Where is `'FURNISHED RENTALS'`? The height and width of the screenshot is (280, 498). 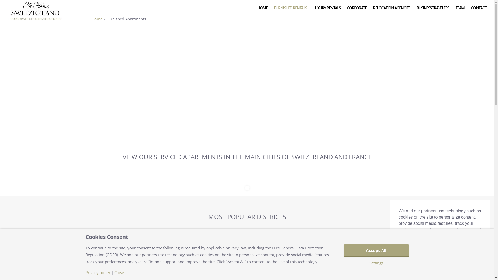 'FURNISHED RENTALS' is located at coordinates (274, 8).